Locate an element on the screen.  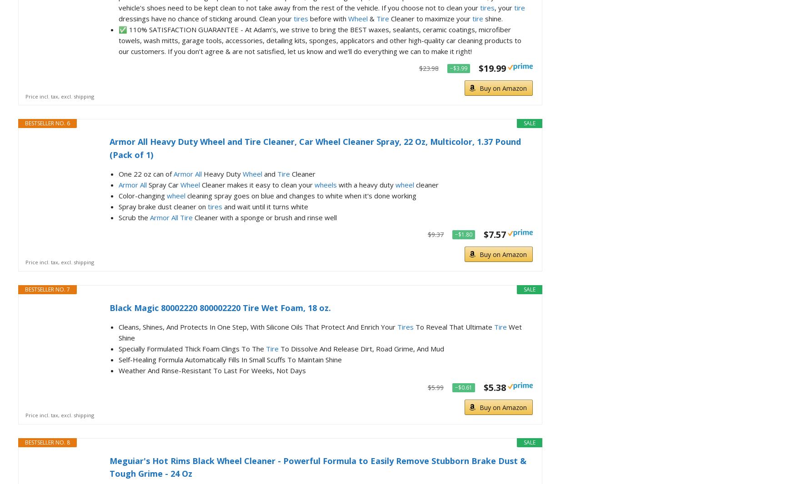
'Black Magic 80002220 800002220 Tire Wet Foam, 18 oz.' is located at coordinates (110, 307).